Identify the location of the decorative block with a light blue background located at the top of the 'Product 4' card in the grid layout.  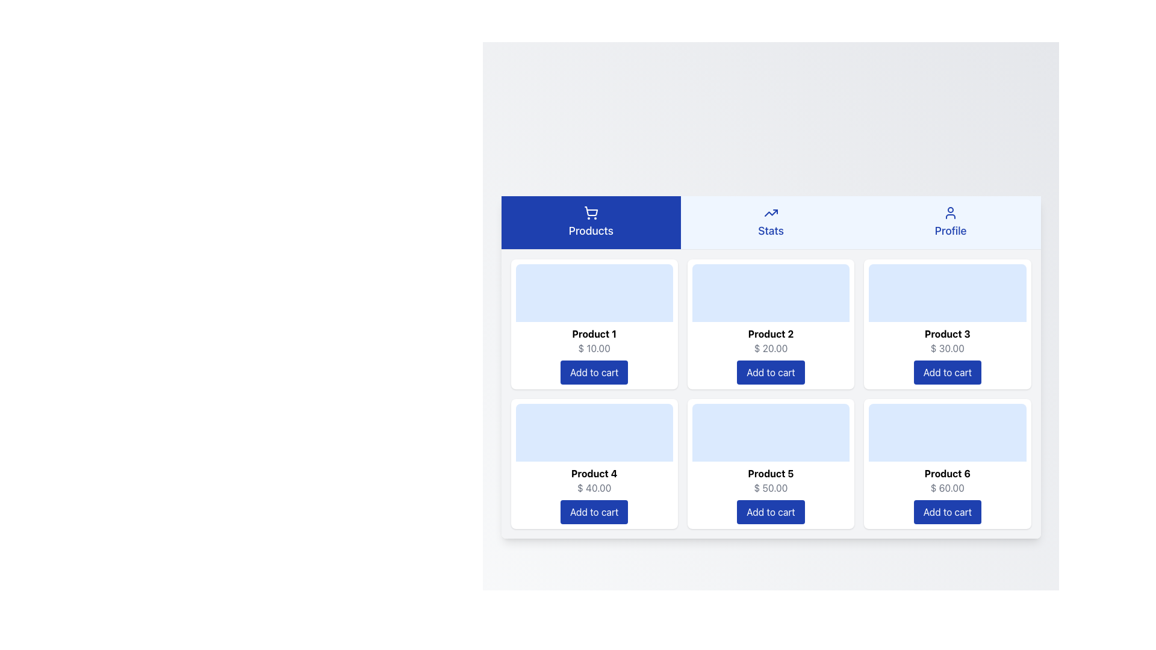
(594, 432).